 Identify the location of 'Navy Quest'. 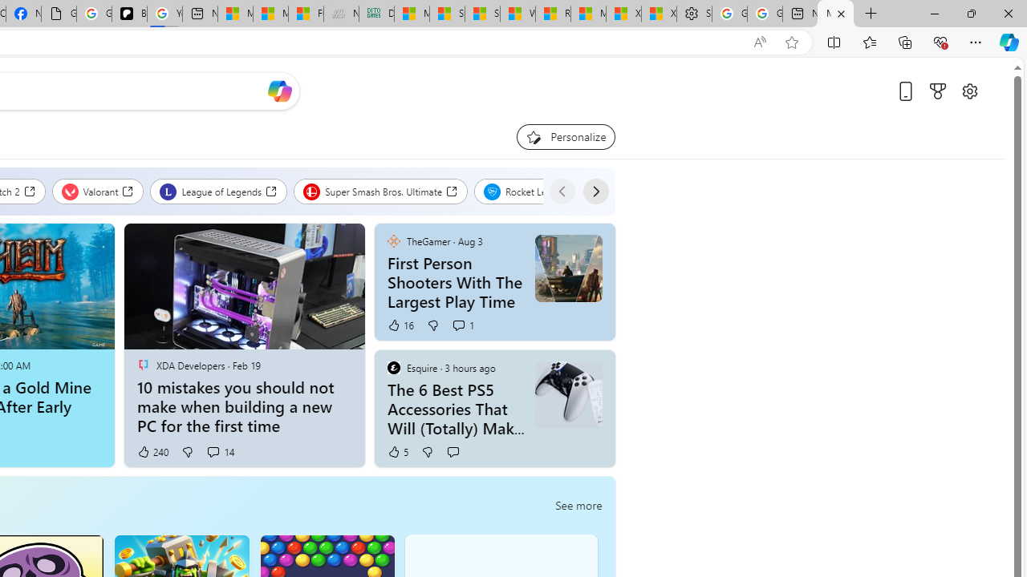
(340, 14).